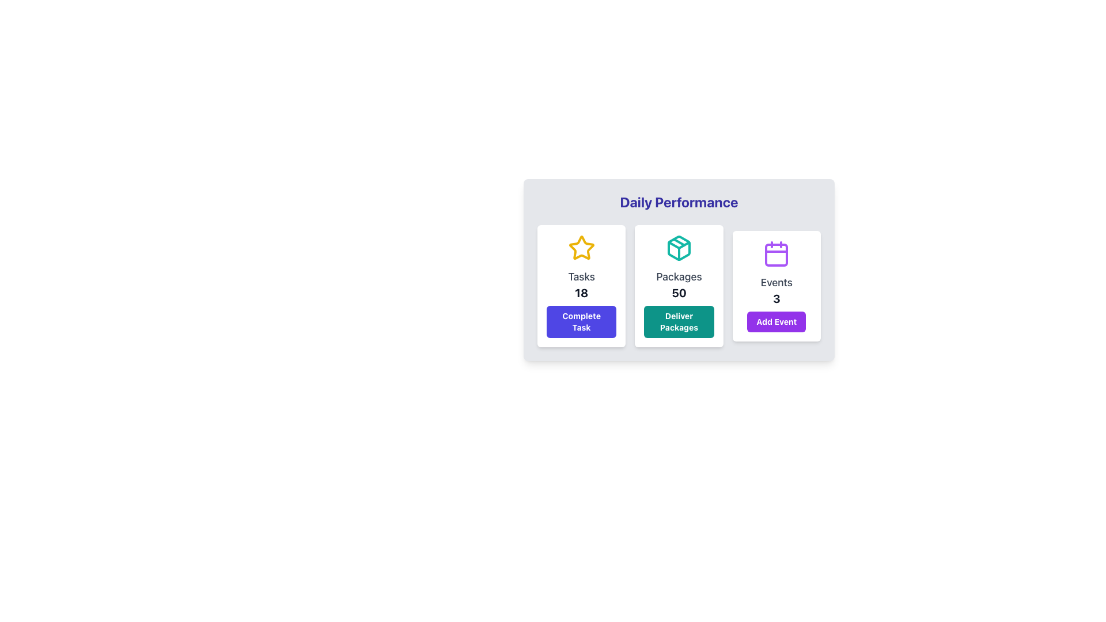 Image resolution: width=1106 pixels, height=622 pixels. Describe the element at coordinates (777, 298) in the screenshot. I see `the text label displaying the numeral '3' in the 'Events' box of the performance dashboard` at that location.